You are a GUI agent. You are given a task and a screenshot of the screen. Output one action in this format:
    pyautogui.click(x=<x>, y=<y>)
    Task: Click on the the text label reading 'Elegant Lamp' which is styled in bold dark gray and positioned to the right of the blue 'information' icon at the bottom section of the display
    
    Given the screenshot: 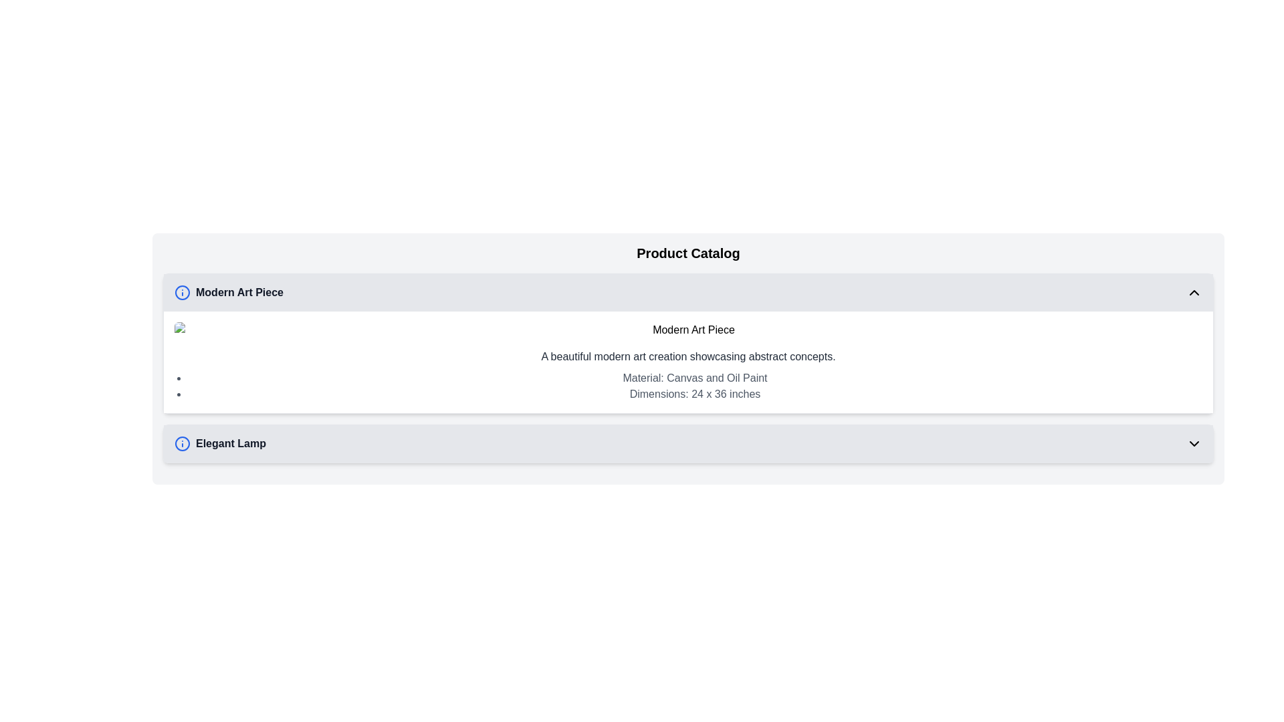 What is the action you would take?
    pyautogui.click(x=231, y=443)
    